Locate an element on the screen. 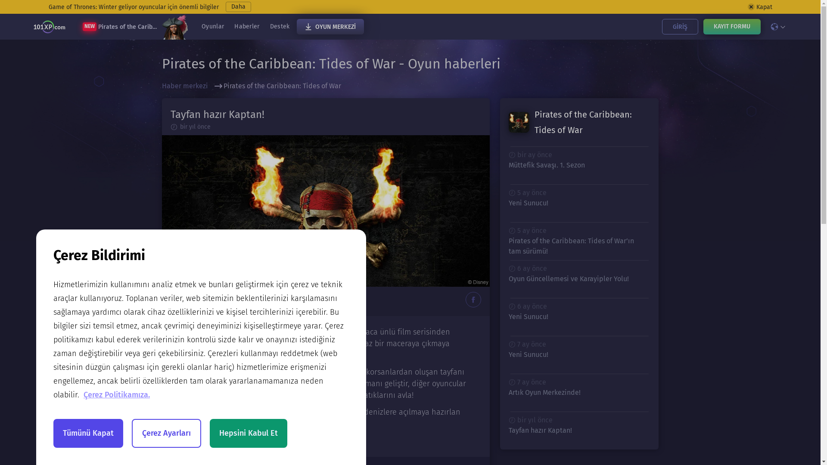  'Oyunlar' is located at coordinates (213, 26).